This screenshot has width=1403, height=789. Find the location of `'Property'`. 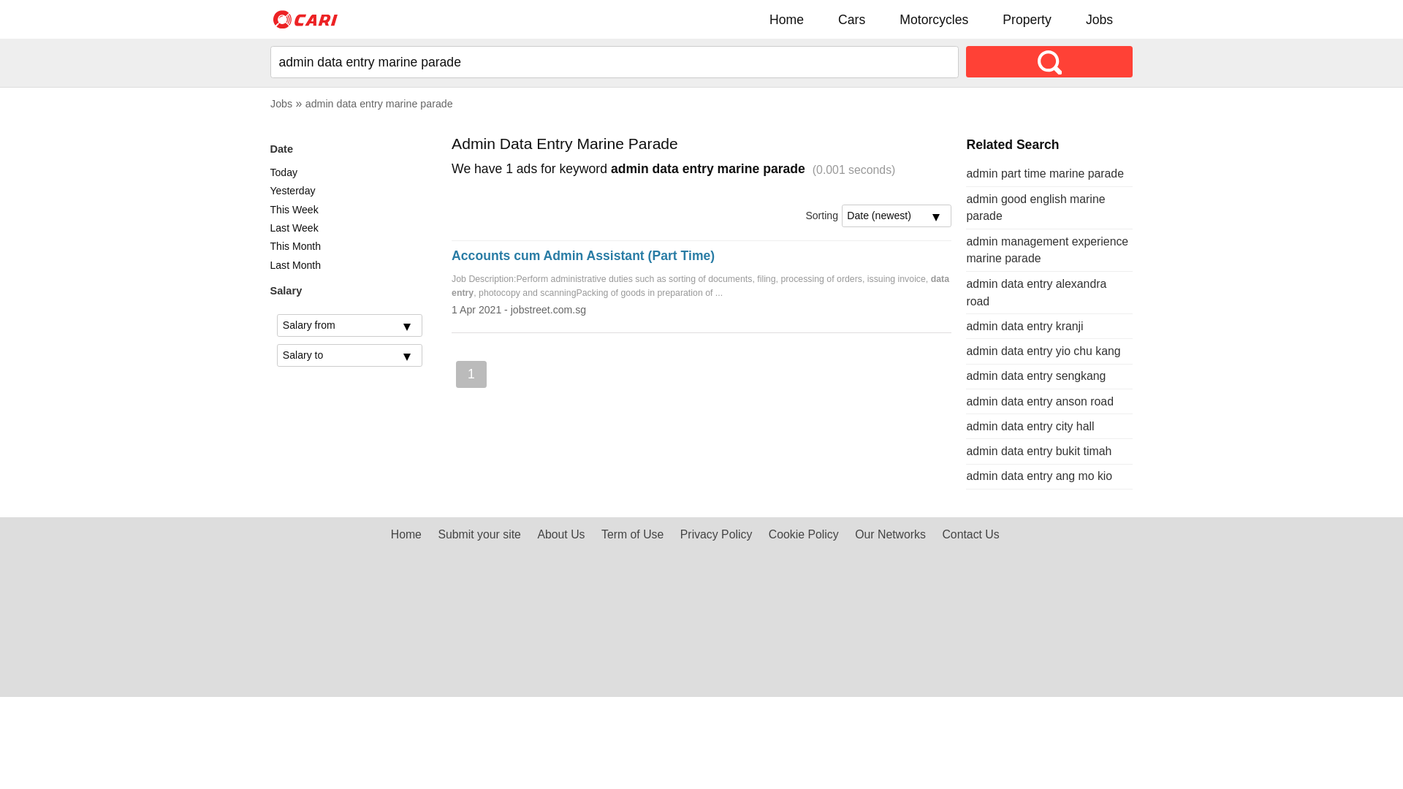

'Property' is located at coordinates (1026, 19).